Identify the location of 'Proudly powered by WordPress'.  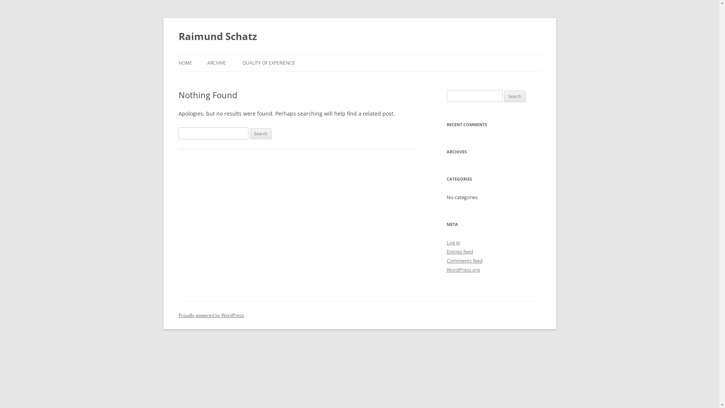
(177, 315).